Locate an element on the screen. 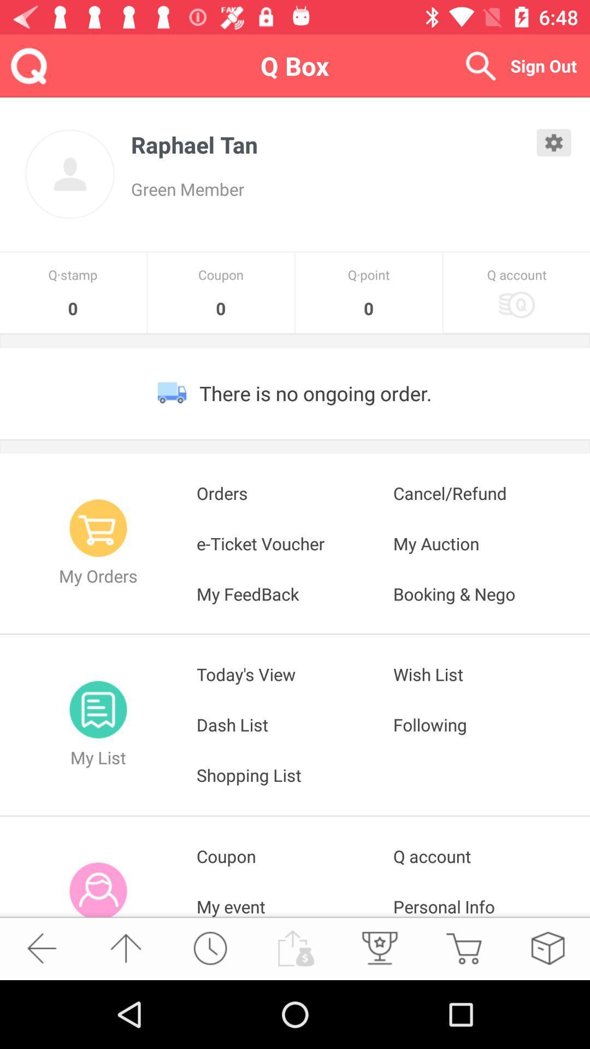 This screenshot has height=1049, width=590. top of the page is located at coordinates (125, 947).